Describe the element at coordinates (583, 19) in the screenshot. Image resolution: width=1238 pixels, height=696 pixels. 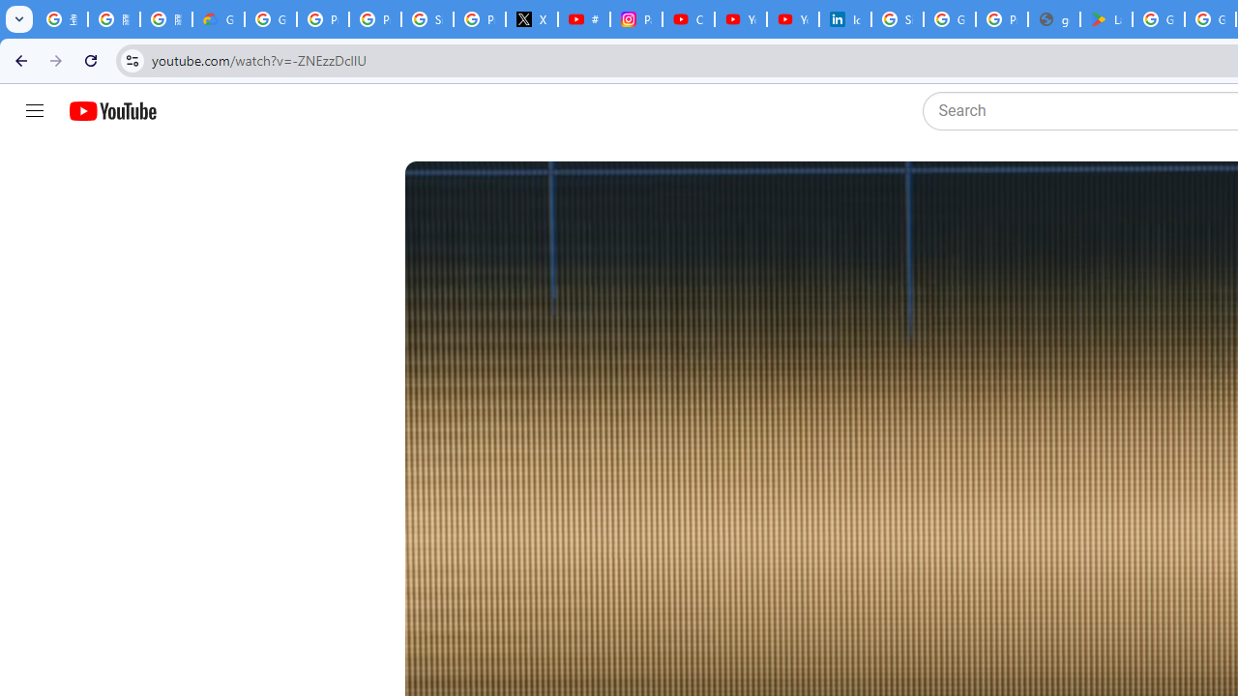
I see `'#nbabasketballhighlights - YouTube'` at that location.